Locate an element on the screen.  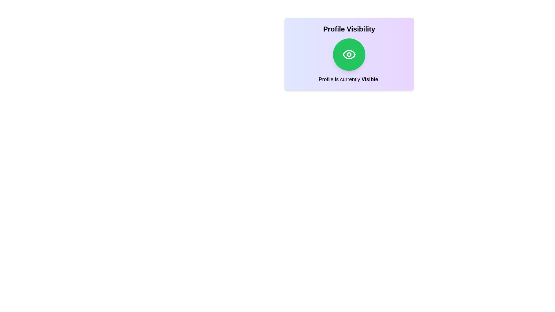
the visibility toggle button to change the profile visibility state is located at coordinates (349, 55).